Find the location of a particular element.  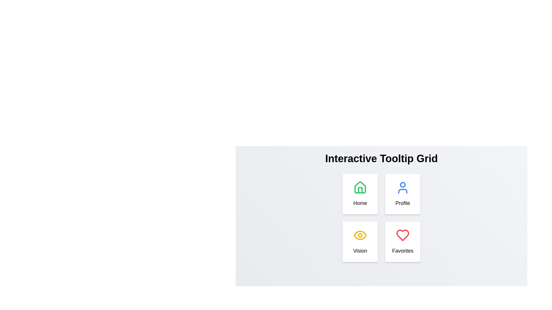

the SVG circle element representing the head part of the profile icon located in the top-right of the grid labeled 'Profile' is located at coordinates (402, 185).